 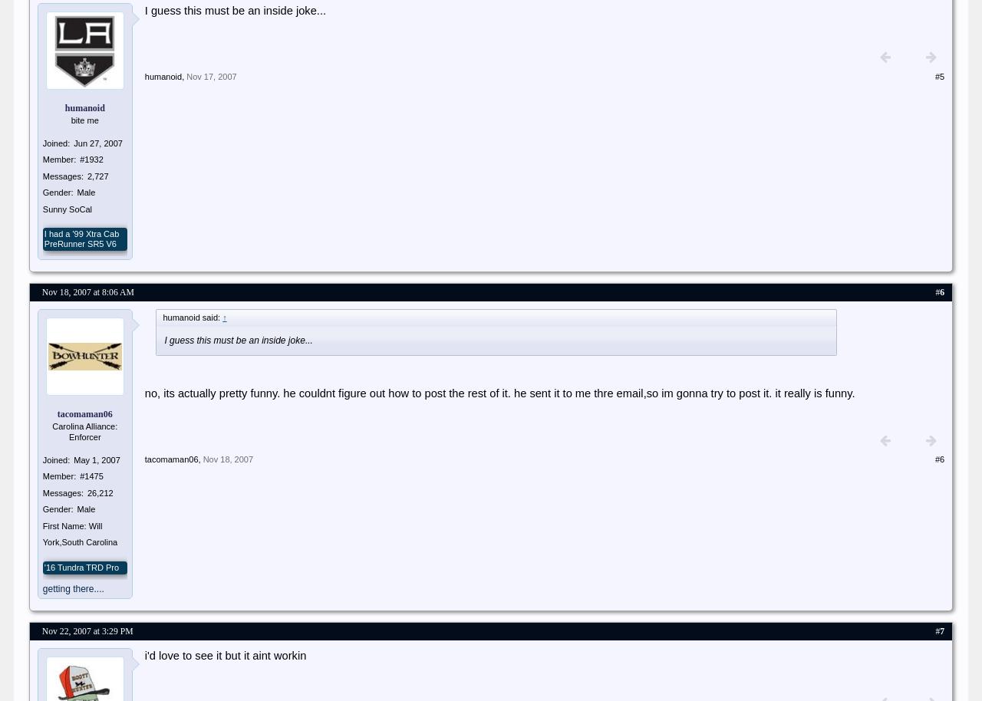 I want to click on 'i'd love to see it but it aint workin', so click(x=224, y=655).